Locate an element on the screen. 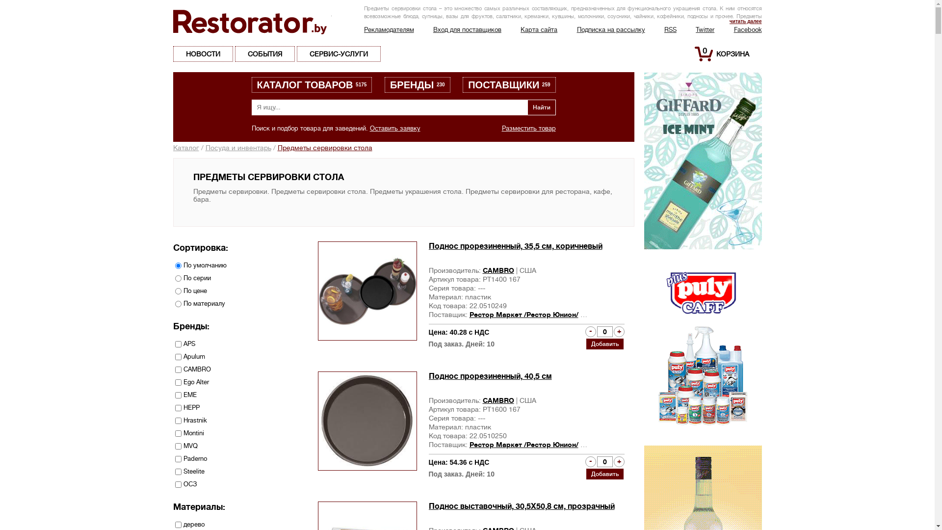 This screenshot has width=942, height=530. 'Twitter' is located at coordinates (695, 29).